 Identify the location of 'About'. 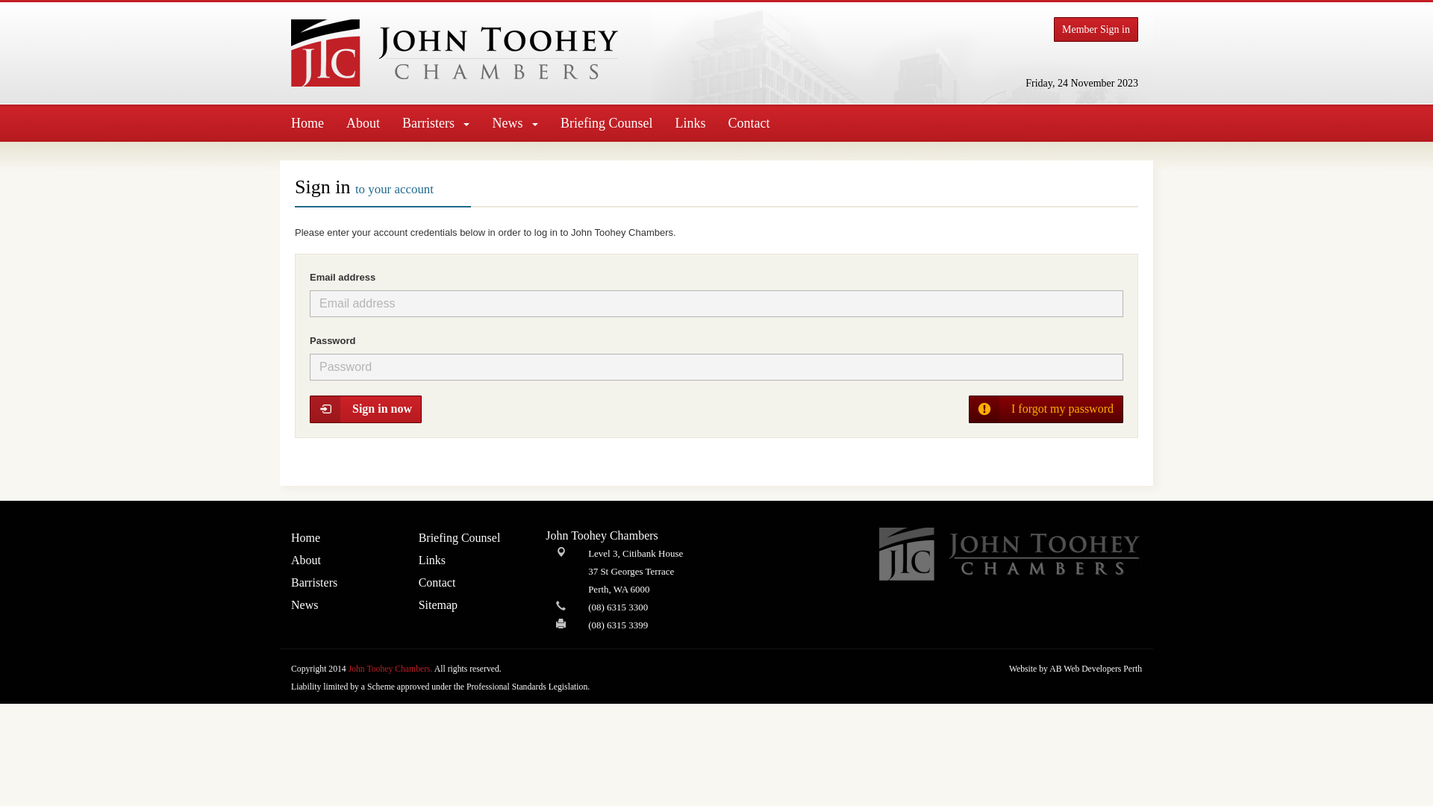
(363, 122).